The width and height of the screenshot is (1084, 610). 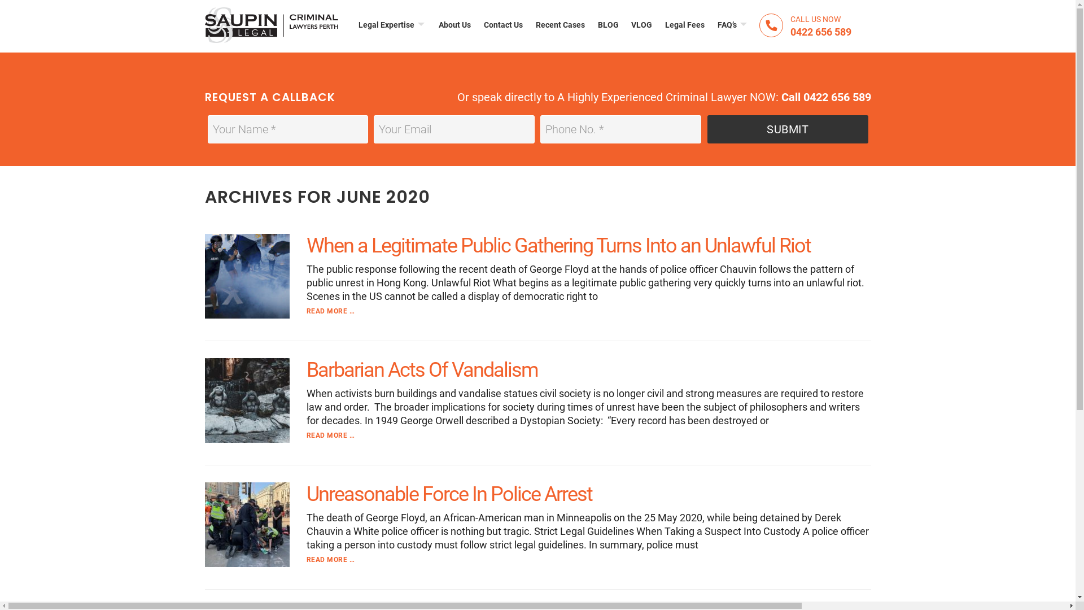 What do you see at coordinates (828, 32) in the screenshot?
I see `'0422 656 589'` at bounding box center [828, 32].